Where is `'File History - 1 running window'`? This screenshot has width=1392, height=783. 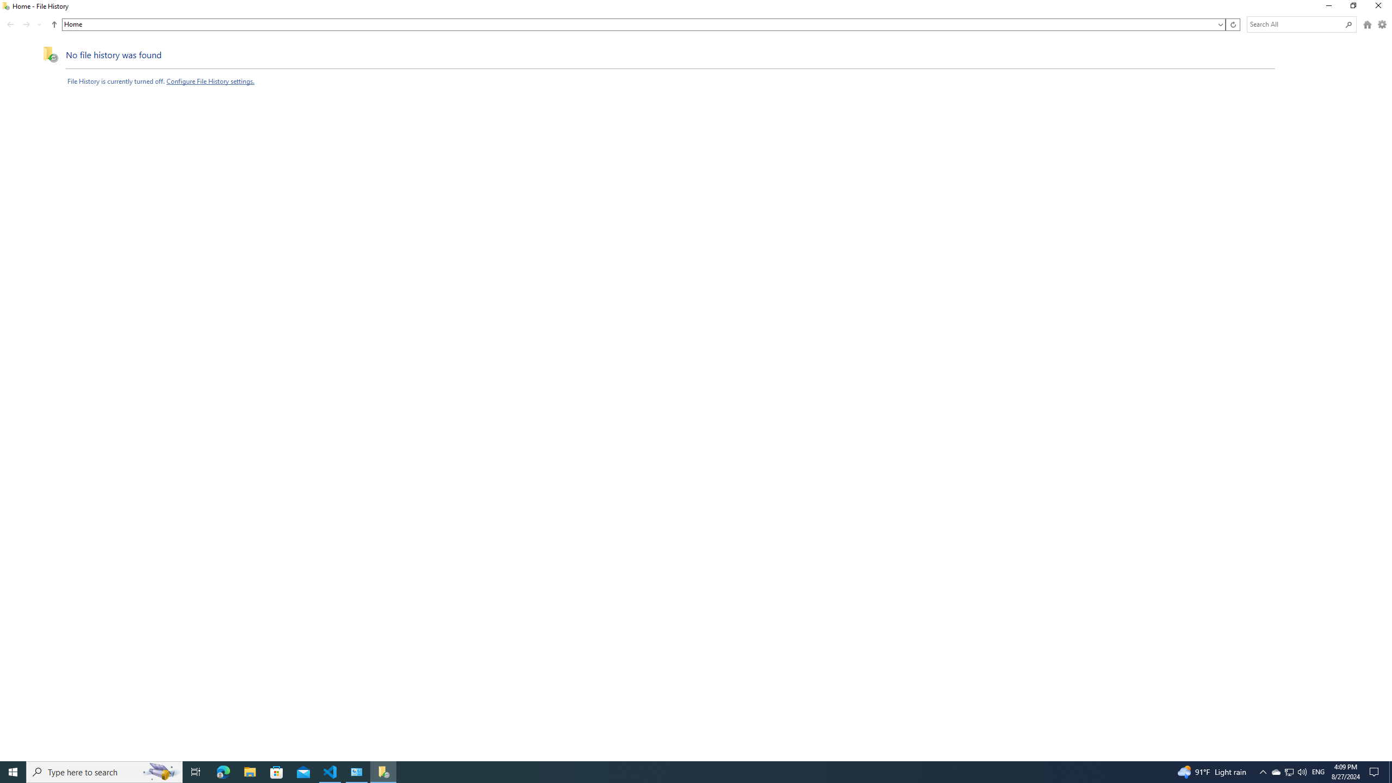 'File History - 1 running window' is located at coordinates (383, 771).